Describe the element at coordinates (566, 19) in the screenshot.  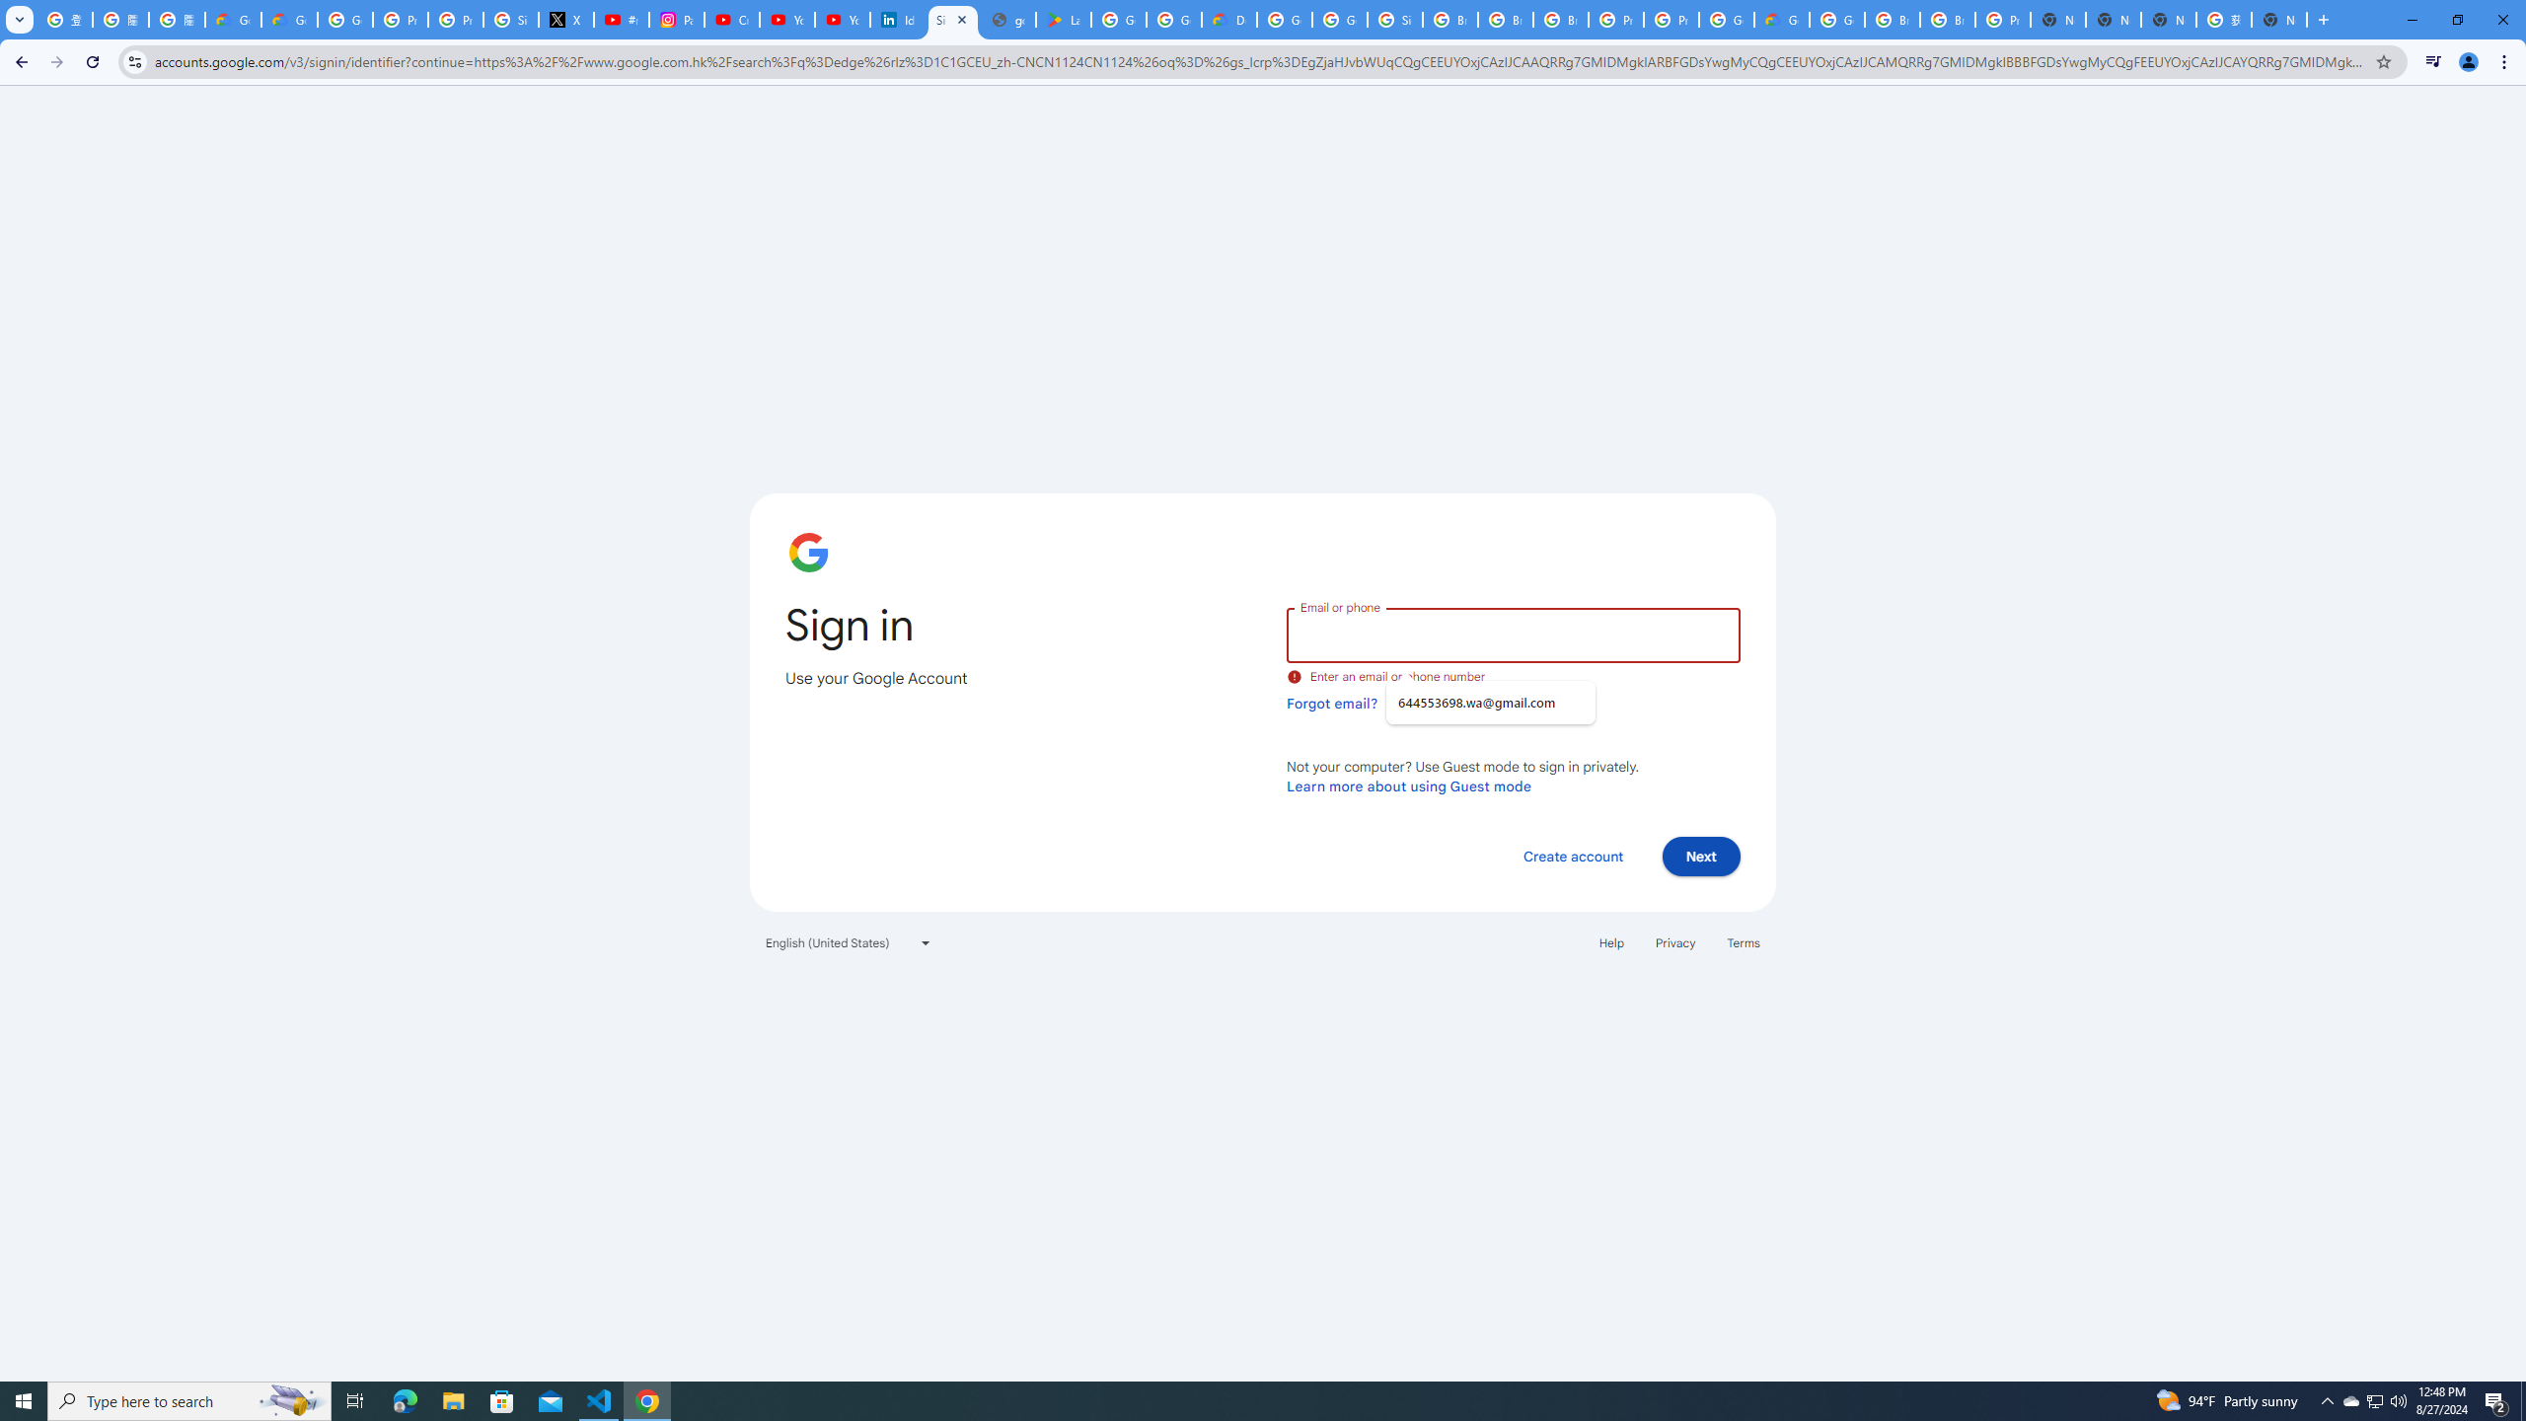
I see `'X'` at that location.